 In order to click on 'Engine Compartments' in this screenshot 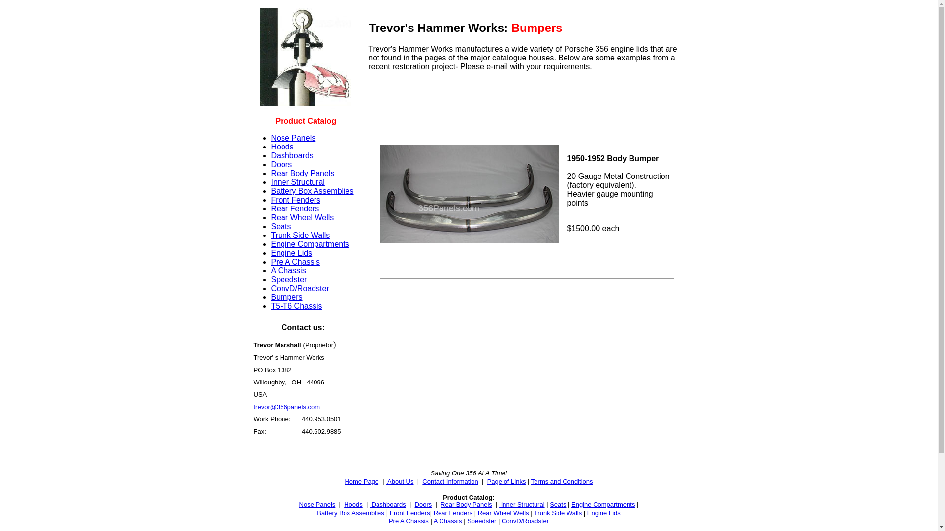, I will do `click(602, 504)`.